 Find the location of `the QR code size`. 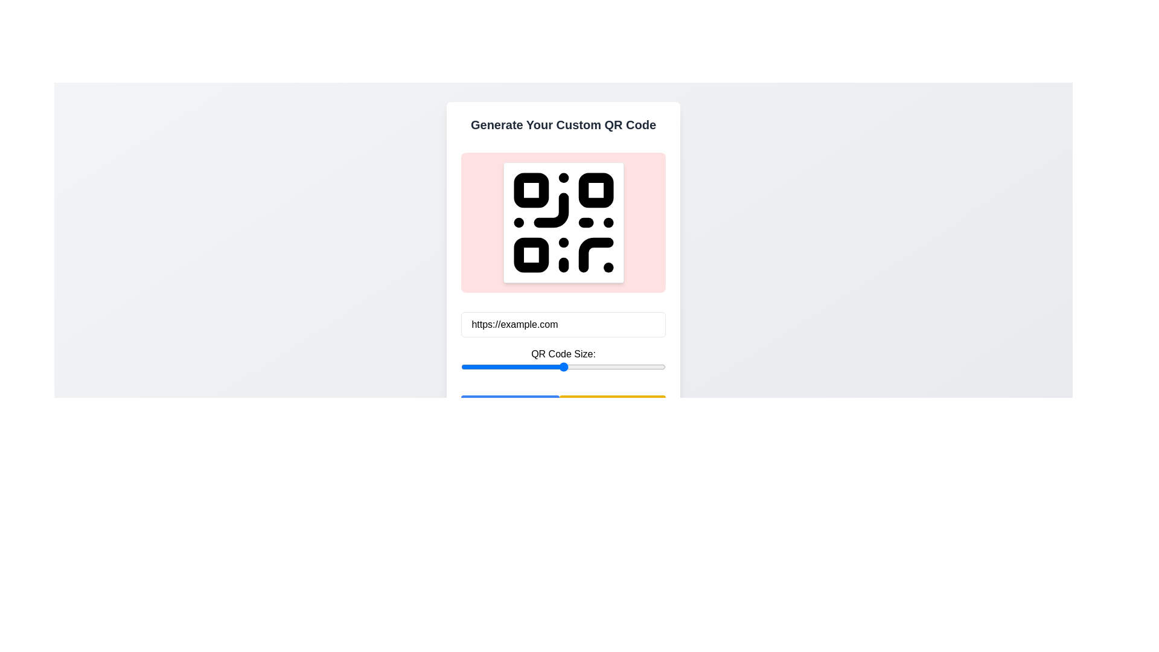

the QR code size is located at coordinates (593, 366).